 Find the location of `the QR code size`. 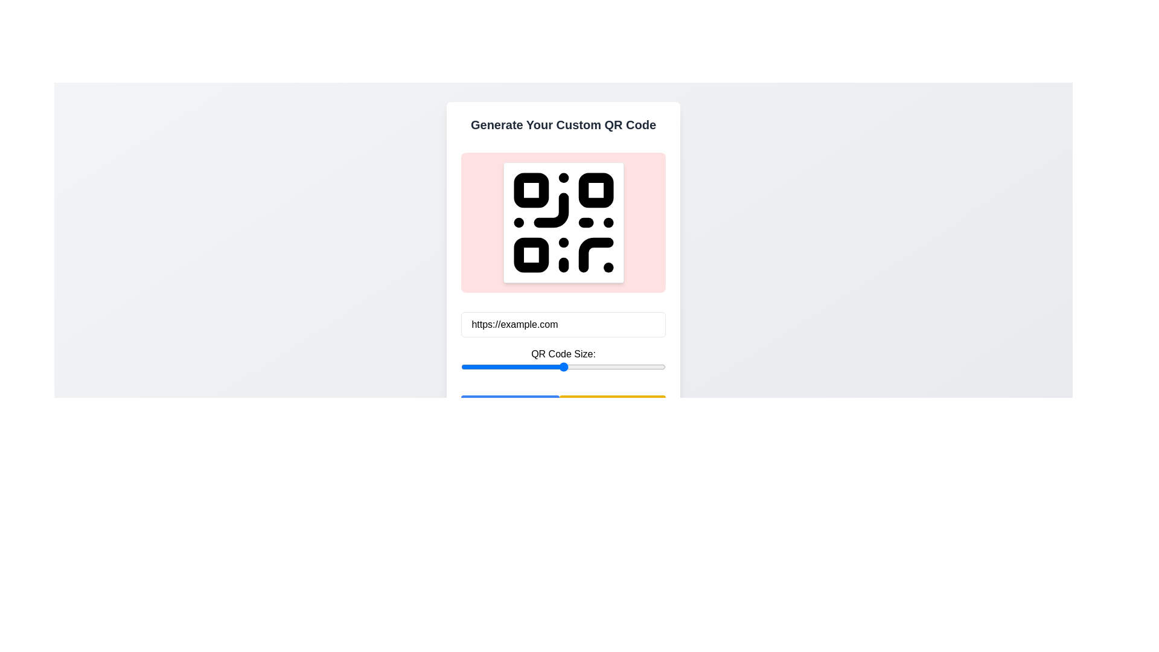

the QR code size is located at coordinates (593, 366).